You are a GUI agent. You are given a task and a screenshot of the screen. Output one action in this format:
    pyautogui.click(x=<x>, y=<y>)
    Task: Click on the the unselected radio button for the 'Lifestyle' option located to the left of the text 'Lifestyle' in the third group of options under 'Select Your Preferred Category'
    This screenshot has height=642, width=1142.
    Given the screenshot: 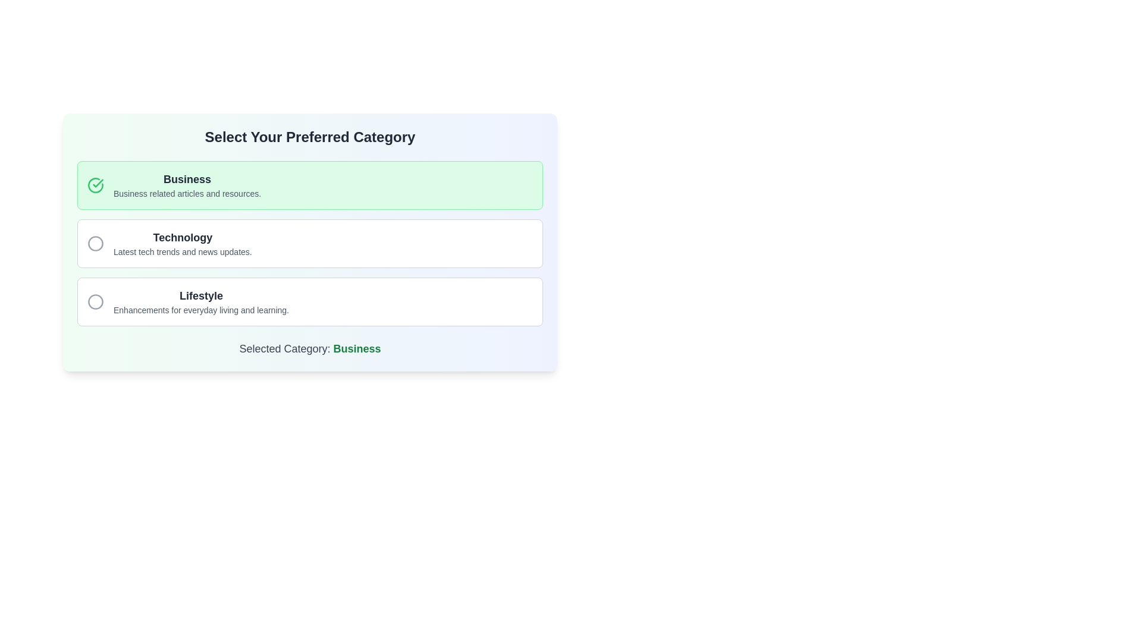 What is the action you would take?
    pyautogui.click(x=96, y=301)
    